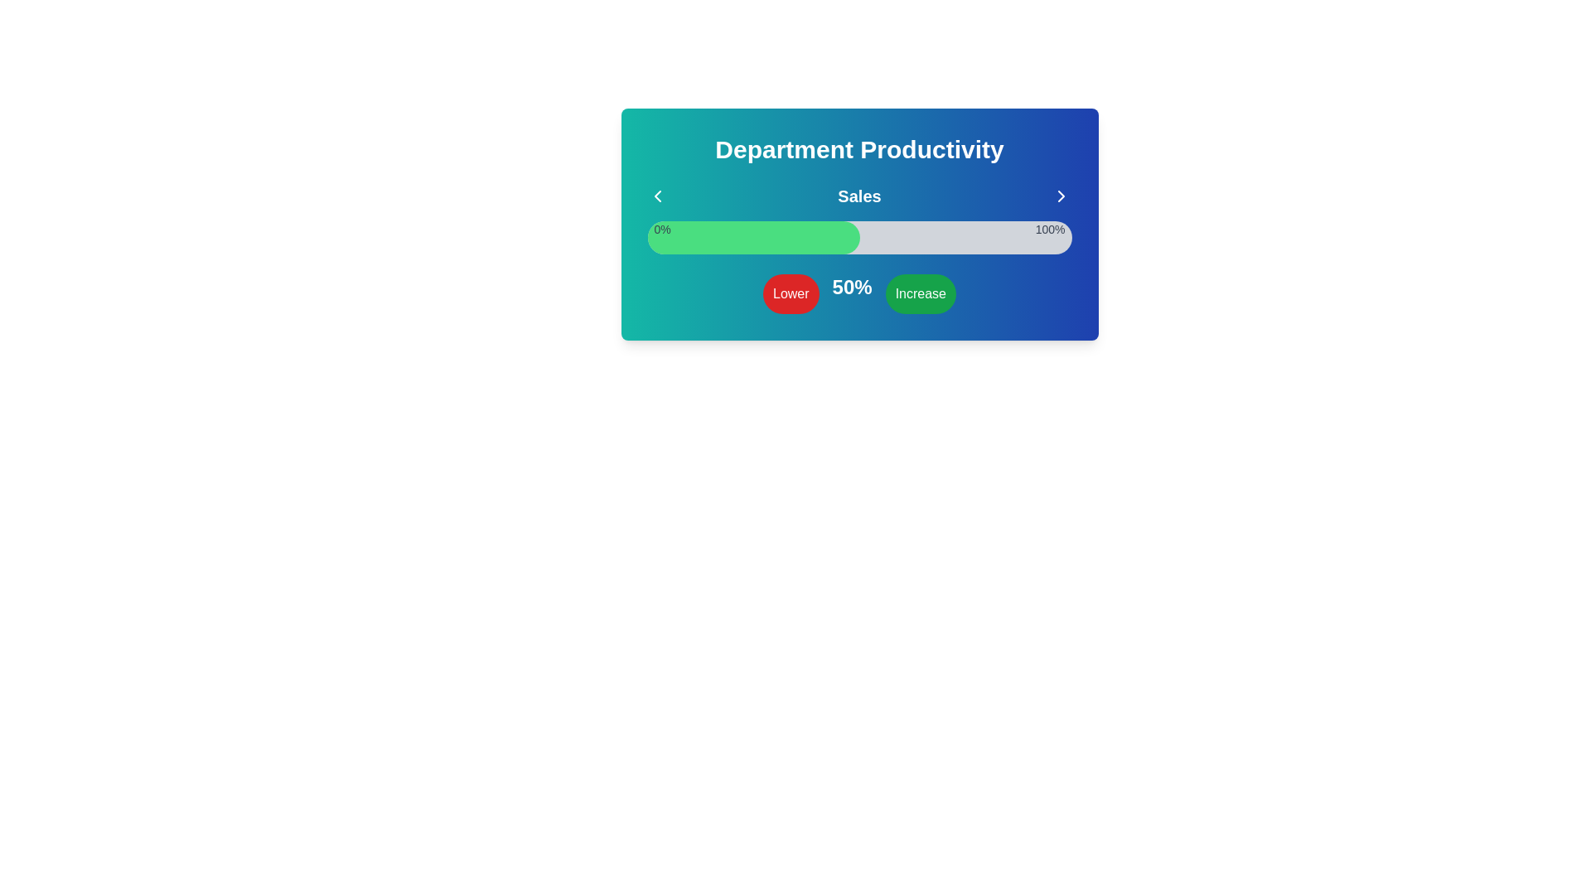  What do you see at coordinates (790, 293) in the screenshot?
I see `the 'Lower' button, which is the leftmost button among three adjacent buttons ('Lower', '50%', 'Increase') located below the 'Sales' progress bar` at bounding box center [790, 293].